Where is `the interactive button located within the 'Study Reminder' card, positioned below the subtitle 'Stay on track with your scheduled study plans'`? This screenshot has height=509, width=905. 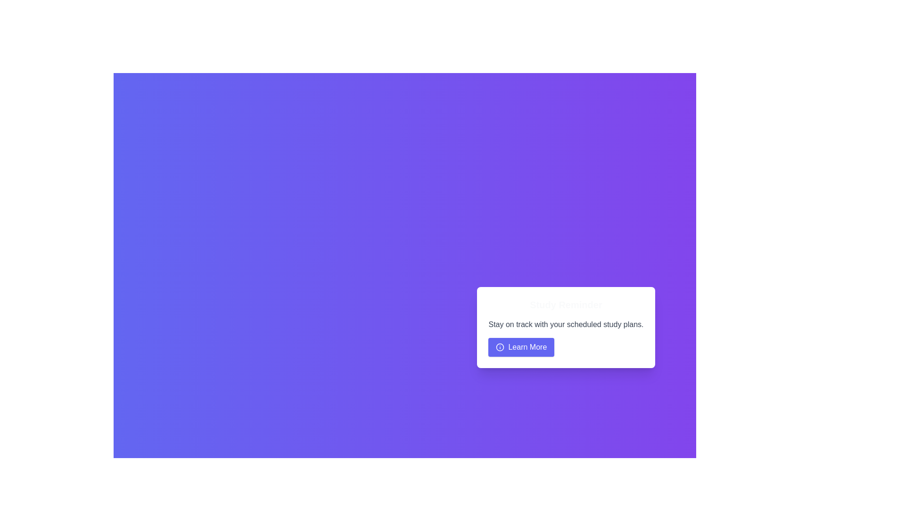
the interactive button located within the 'Study Reminder' card, positioned below the subtitle 'Stay on track with your scheduled study plans' is located at coordinates (521, 347).